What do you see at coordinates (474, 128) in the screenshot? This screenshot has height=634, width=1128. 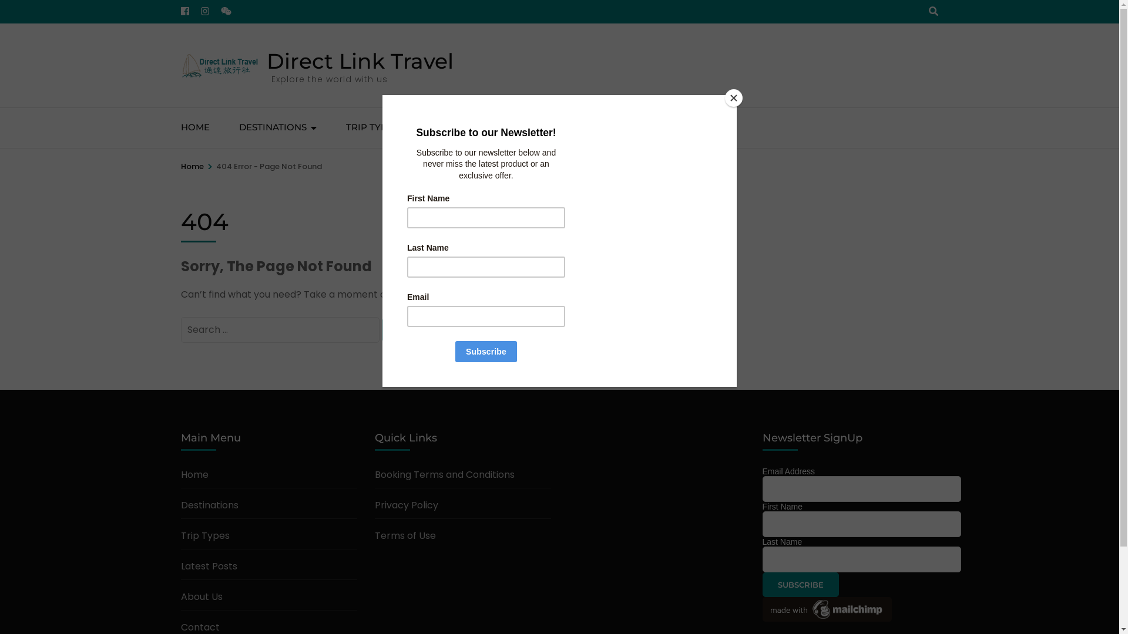 I see `'DESTINATION NEWS'` at bounding box center [474, 128].